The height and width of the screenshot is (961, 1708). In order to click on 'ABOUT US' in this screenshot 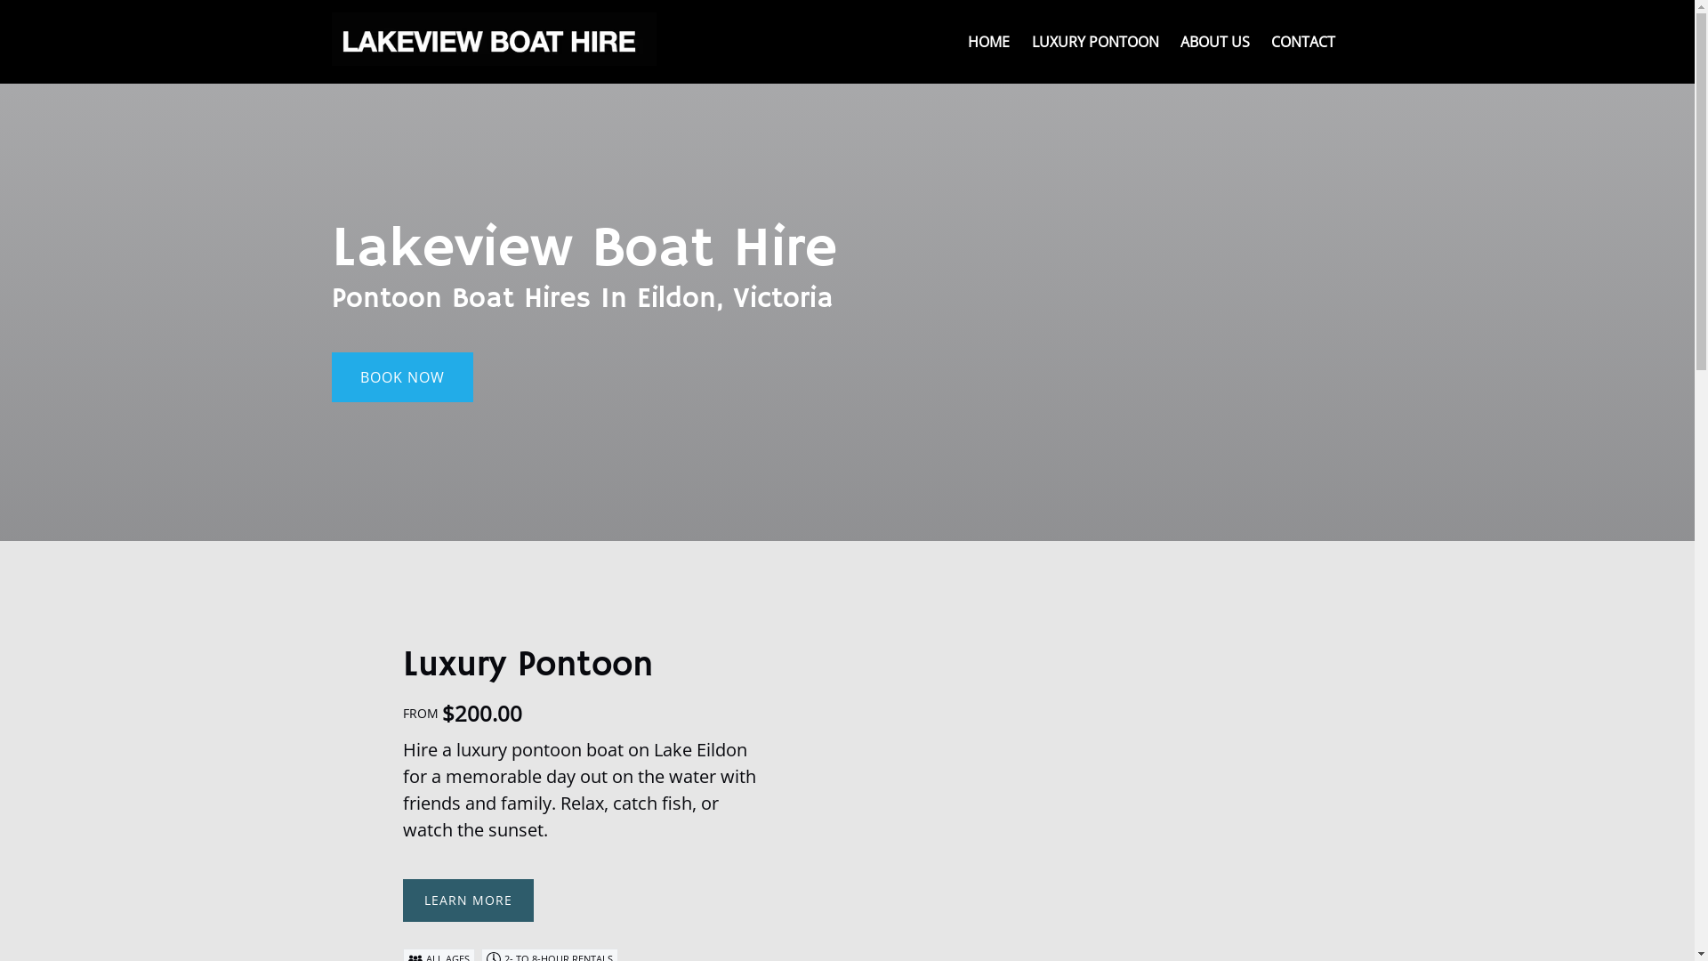, I will do `click(1213, 40)`.